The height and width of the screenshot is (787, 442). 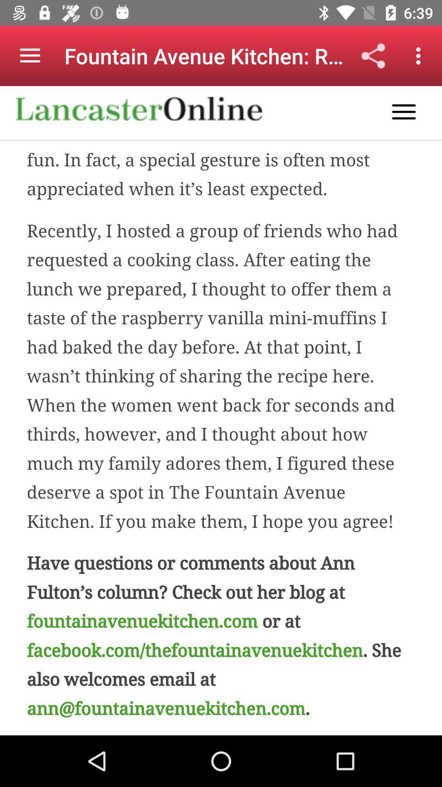 I want to click on advertisement, so click(x=221, y=411).